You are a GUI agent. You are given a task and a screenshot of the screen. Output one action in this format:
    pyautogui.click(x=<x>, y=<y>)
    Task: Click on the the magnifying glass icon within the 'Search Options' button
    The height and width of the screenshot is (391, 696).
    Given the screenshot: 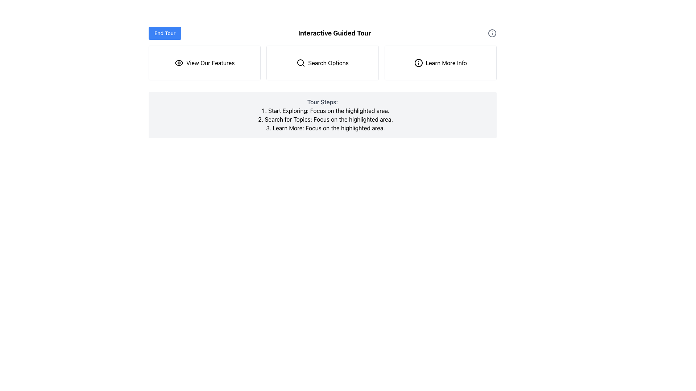 What is the action you would take?
    pyautogui.click(x=301, y=62)
    